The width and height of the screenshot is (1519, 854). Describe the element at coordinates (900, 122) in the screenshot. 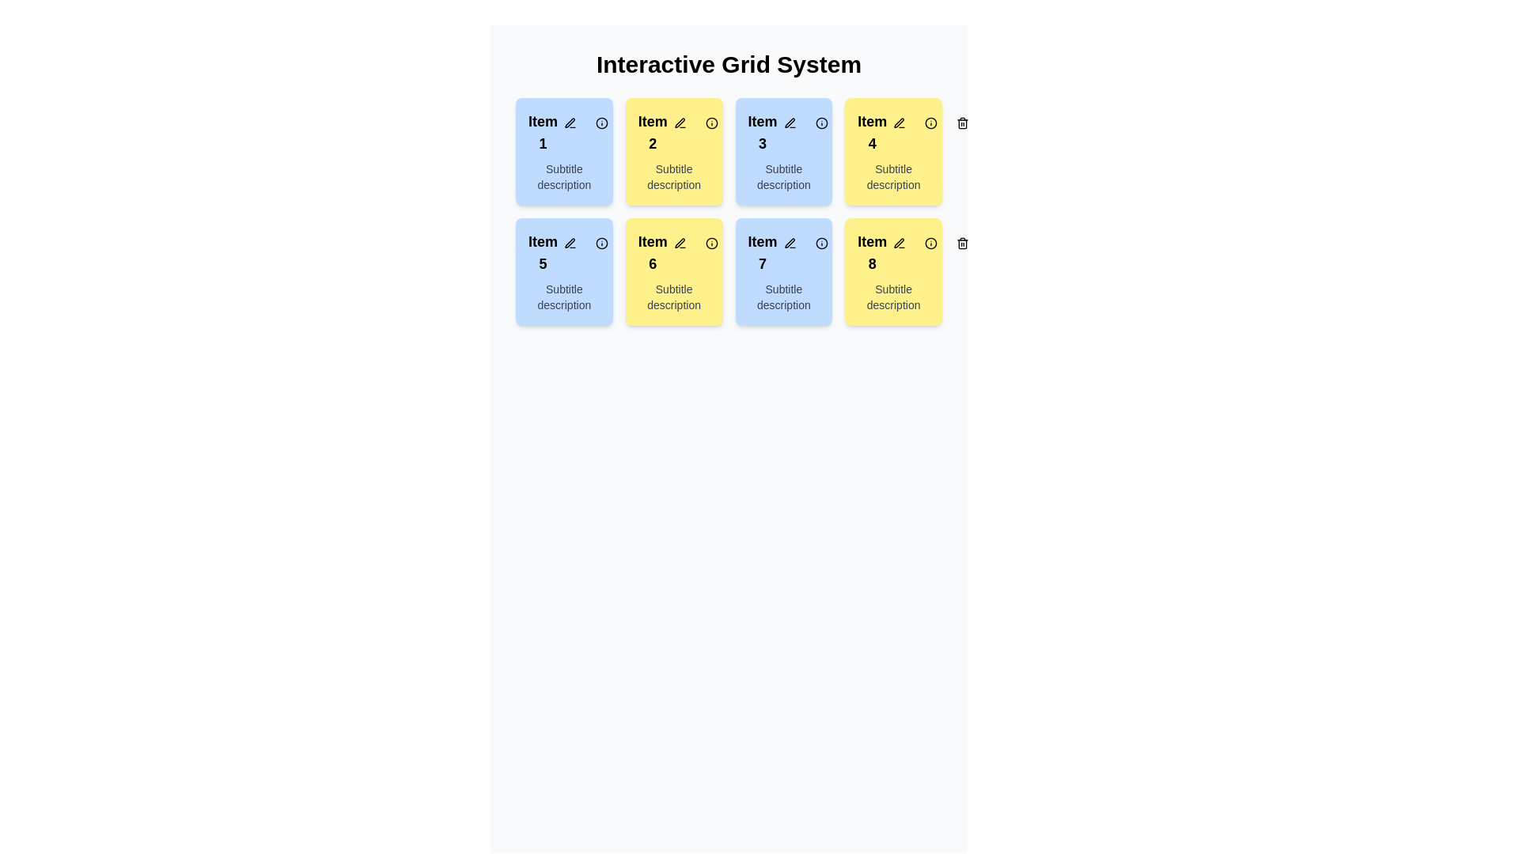

I see `the pencil icon located in the top-right corner of the yellow grid item labeled 'Item 4'` at that location.